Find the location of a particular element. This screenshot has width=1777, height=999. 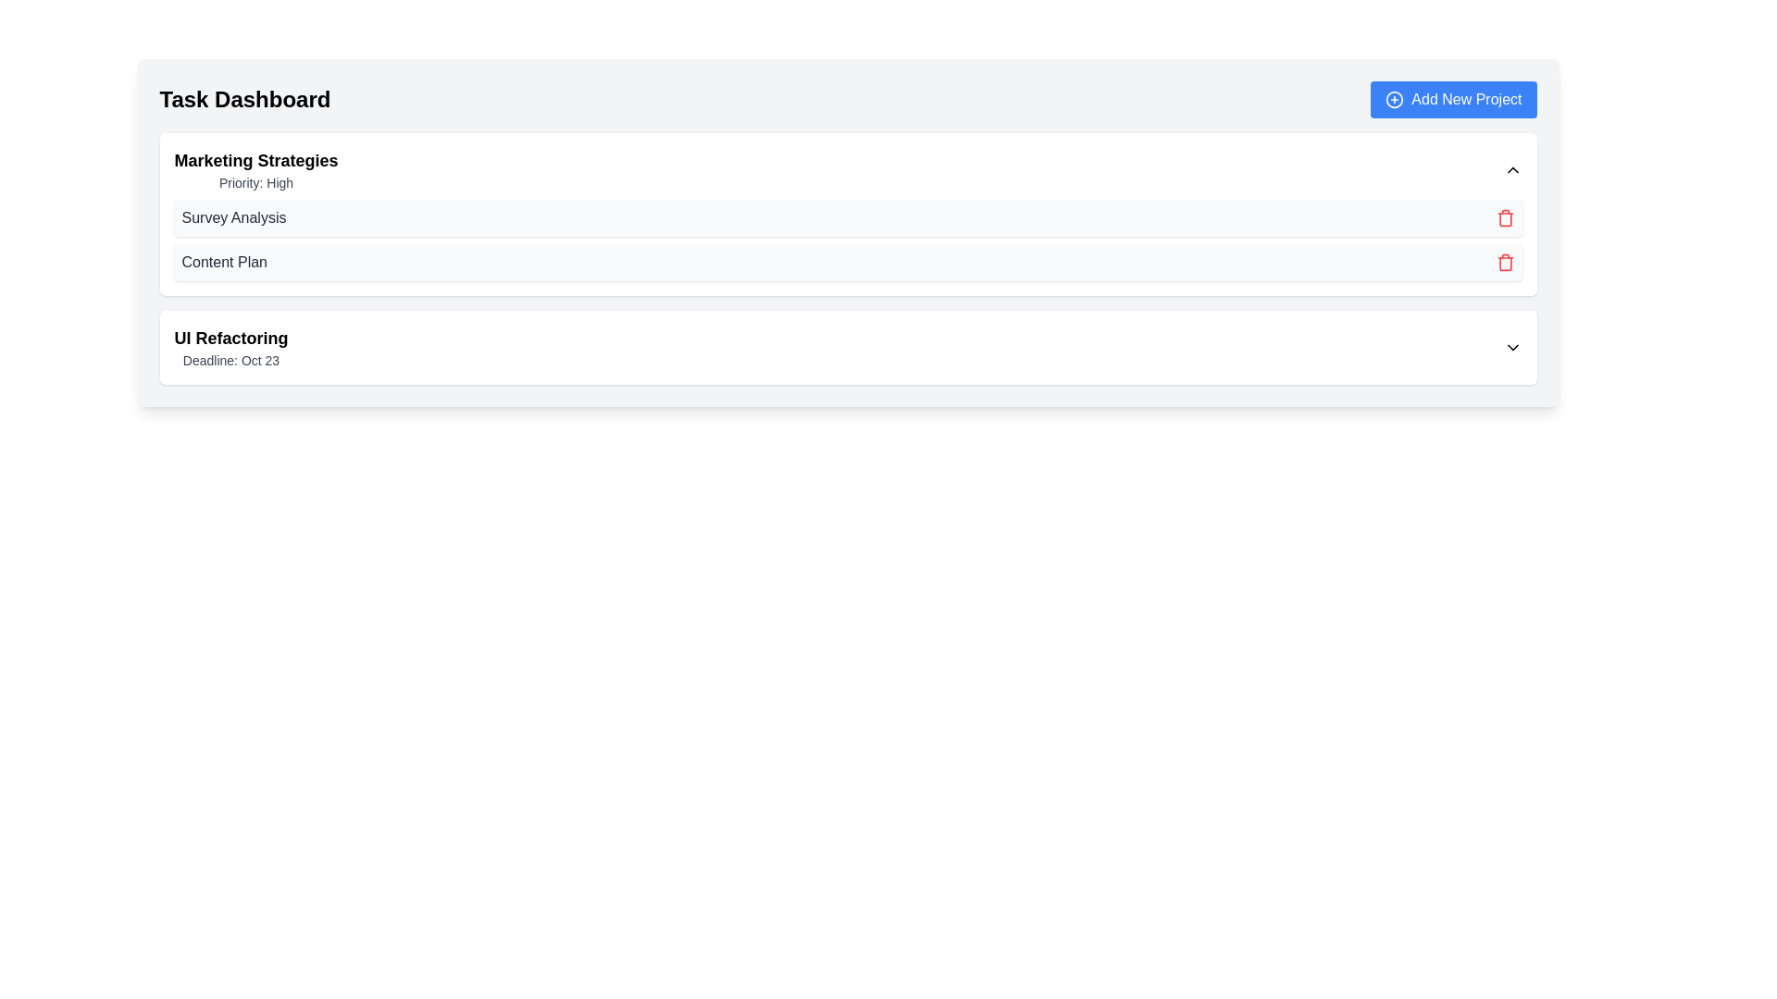

the 'UI Refactoring' card at the bottom of the stack is located at coordinates (847, 347).